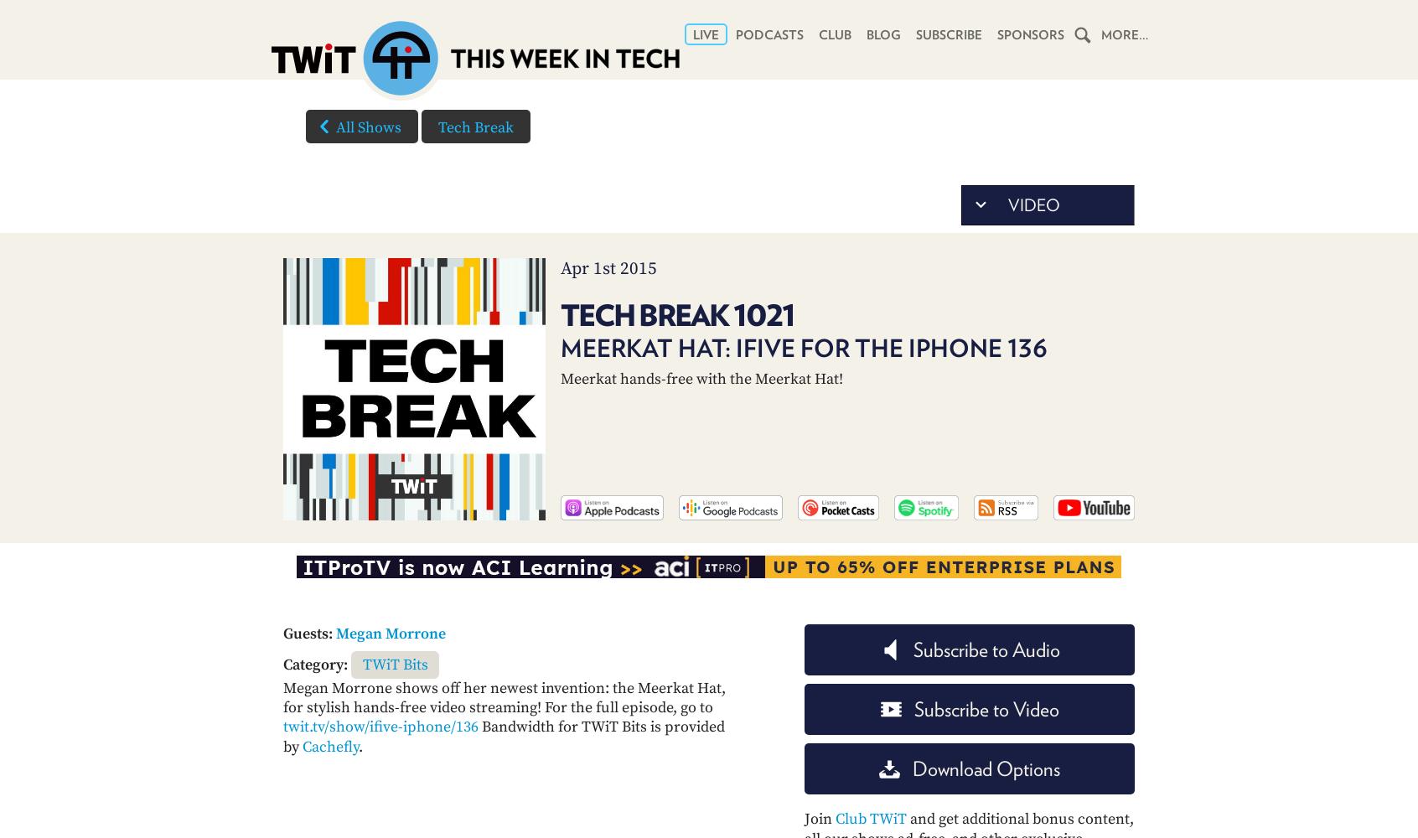 The height and width of the screenshot is (838, 1418). Describe the element at coordinates (820, 818) in the screenshot. I see `'Join'` at that location.